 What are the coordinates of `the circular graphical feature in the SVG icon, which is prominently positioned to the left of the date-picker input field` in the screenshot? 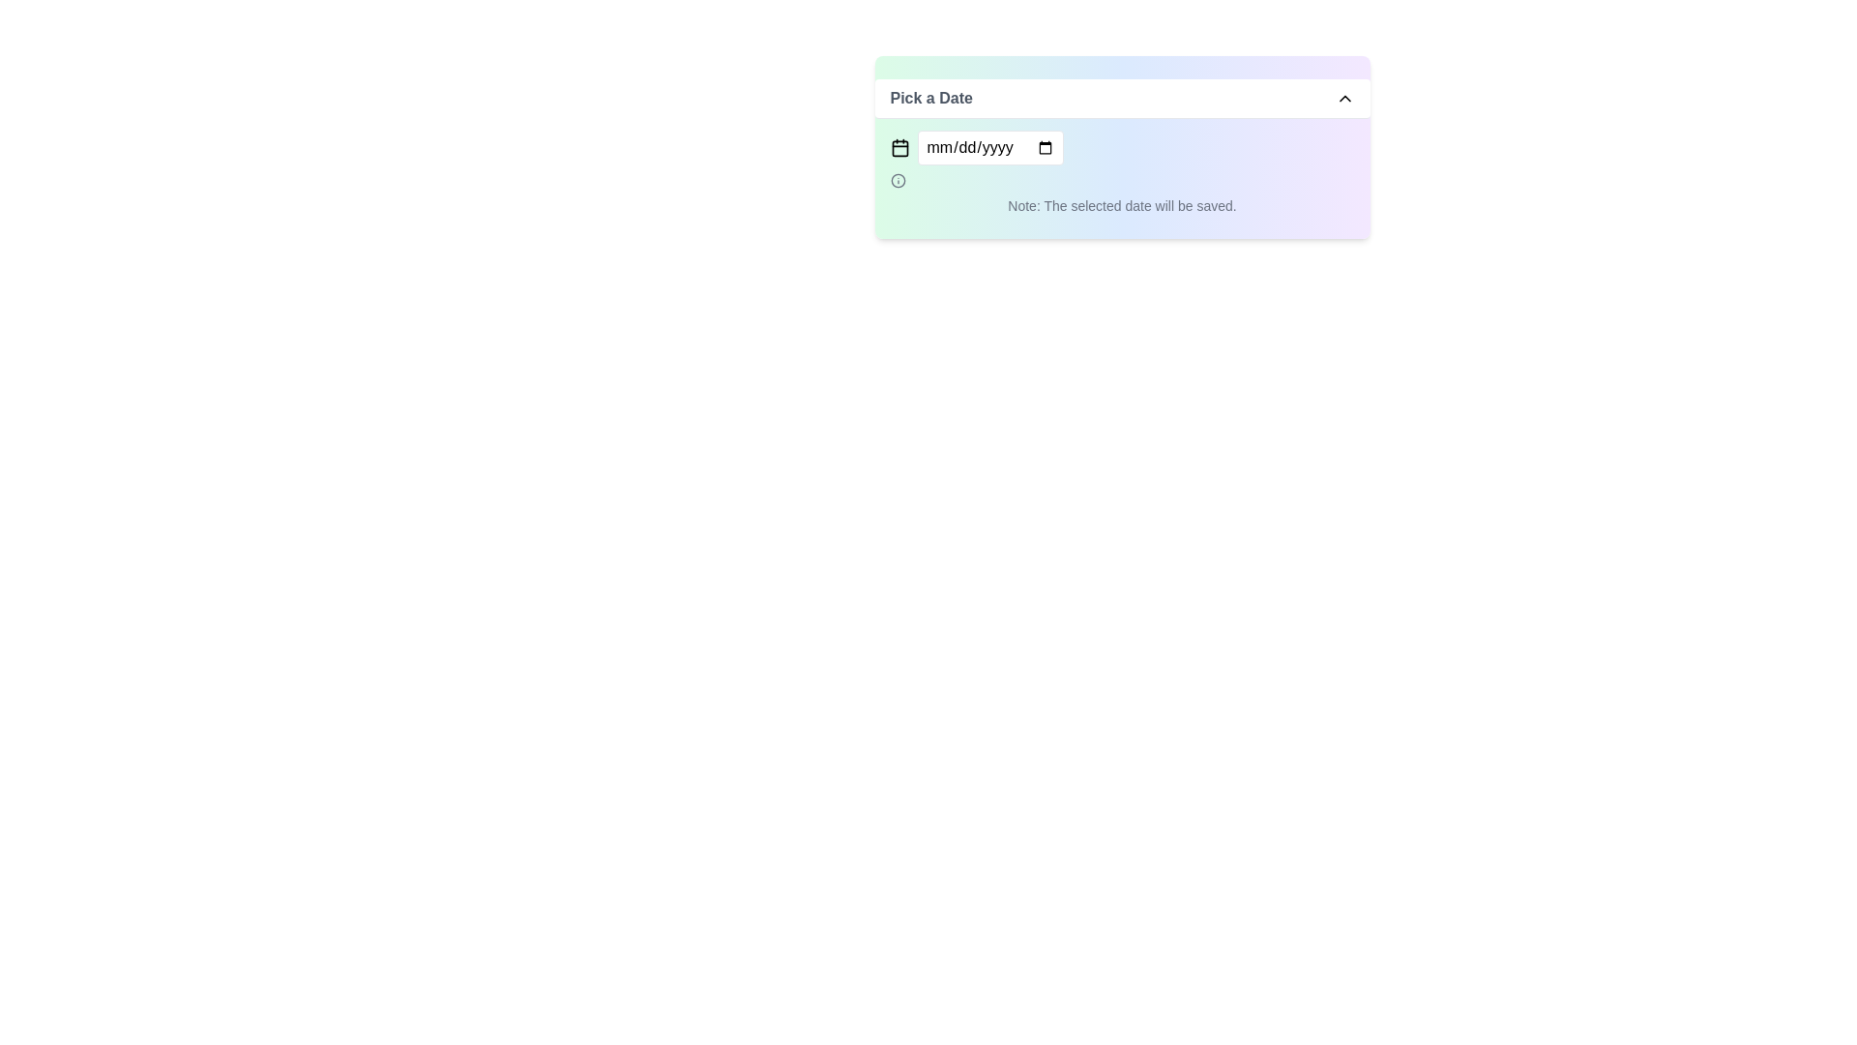 It's located at (897, 180).